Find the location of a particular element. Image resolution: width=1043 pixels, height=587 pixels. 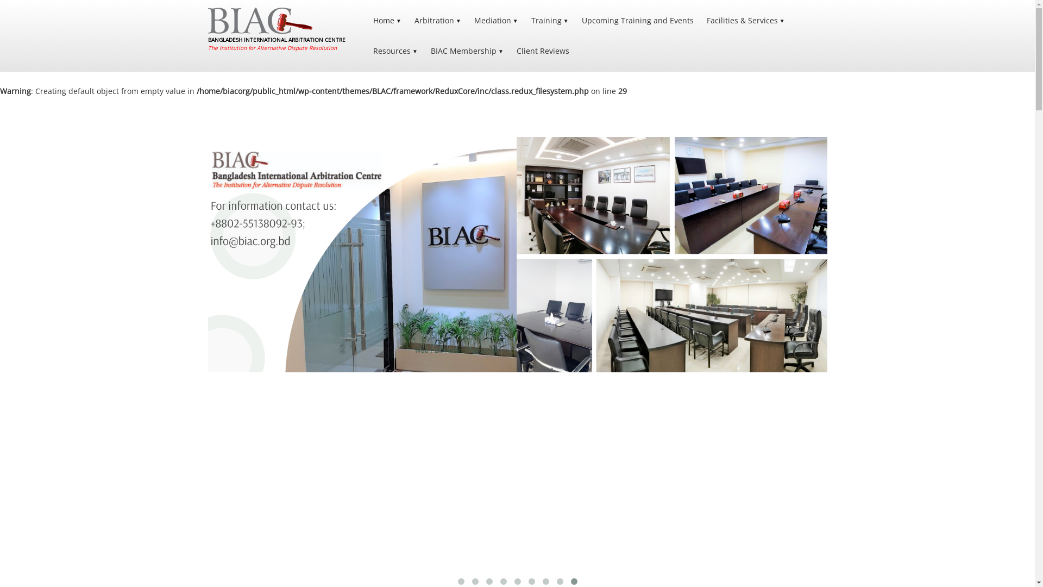

'Client Reviews' is located at coordinates (543, 51).